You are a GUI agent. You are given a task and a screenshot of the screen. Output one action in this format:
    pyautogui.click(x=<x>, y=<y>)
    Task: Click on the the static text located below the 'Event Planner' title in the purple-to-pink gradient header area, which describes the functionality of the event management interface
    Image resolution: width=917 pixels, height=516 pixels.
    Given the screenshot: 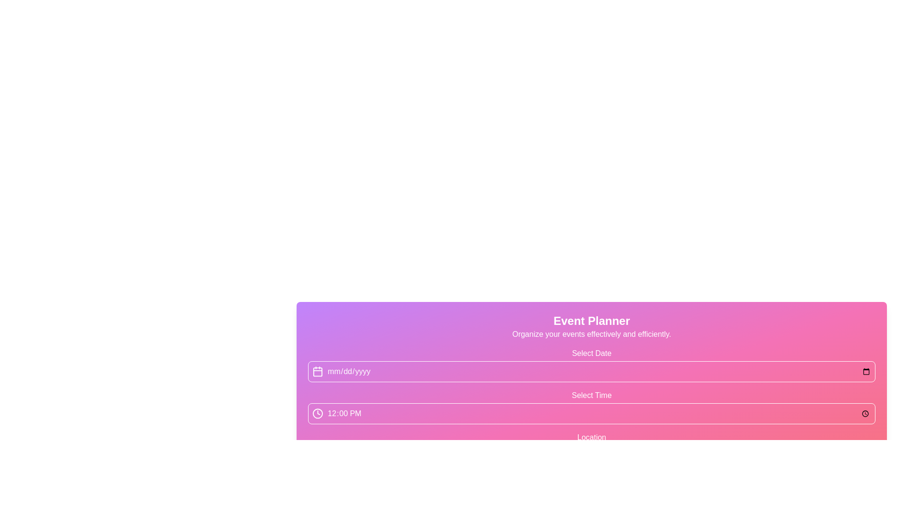 What is the action you would take?
    pyautogui.click(x=591, y=333)
    